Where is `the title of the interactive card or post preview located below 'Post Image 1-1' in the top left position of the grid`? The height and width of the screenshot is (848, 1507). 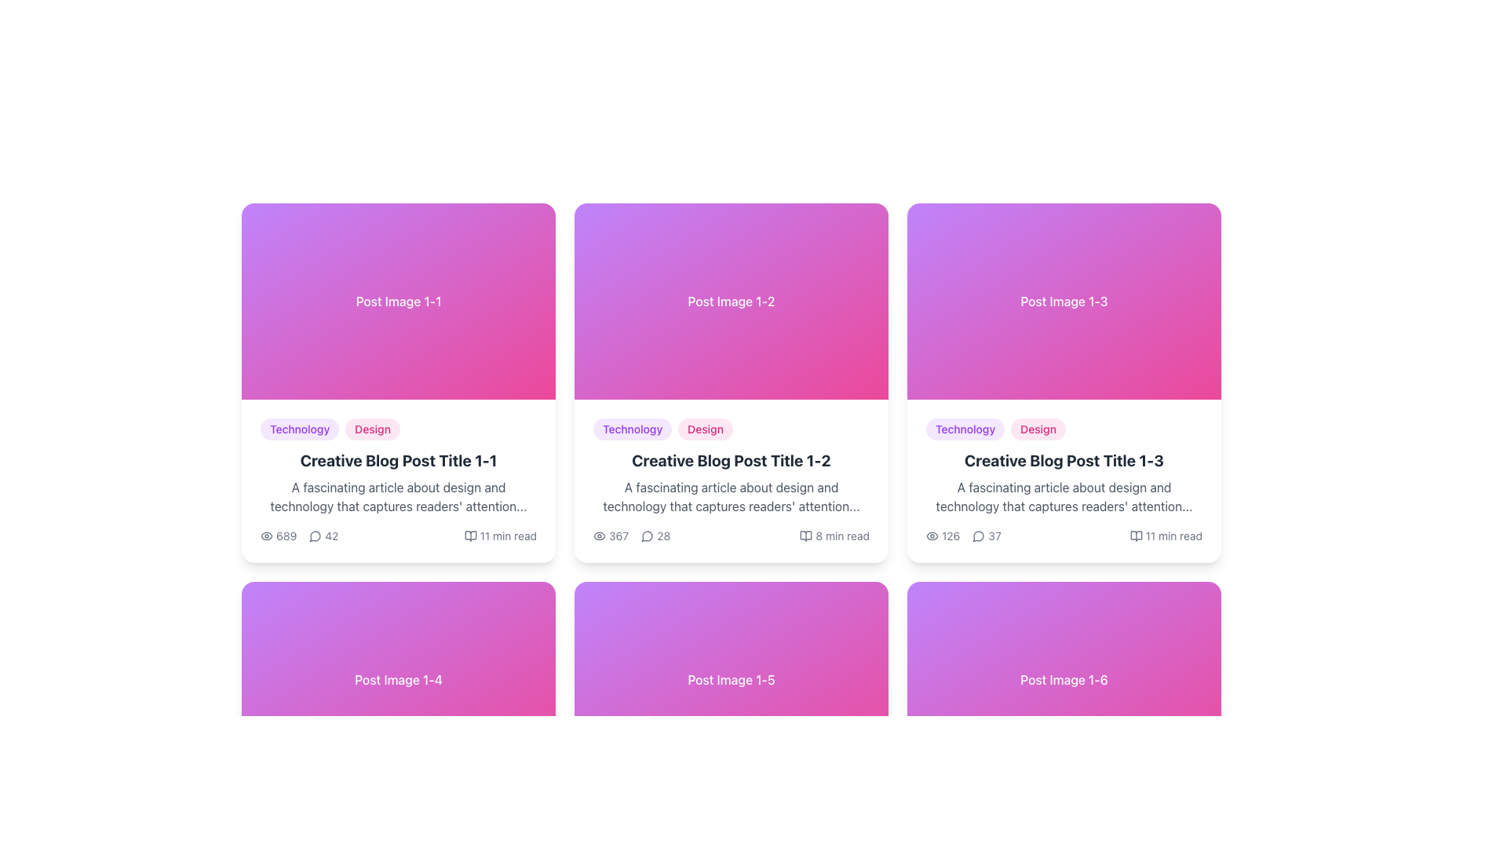
the title of the interactive card or post preview located below 'Post Image 1-1' in the top left position of the grid is located at coordinates (399, 481).